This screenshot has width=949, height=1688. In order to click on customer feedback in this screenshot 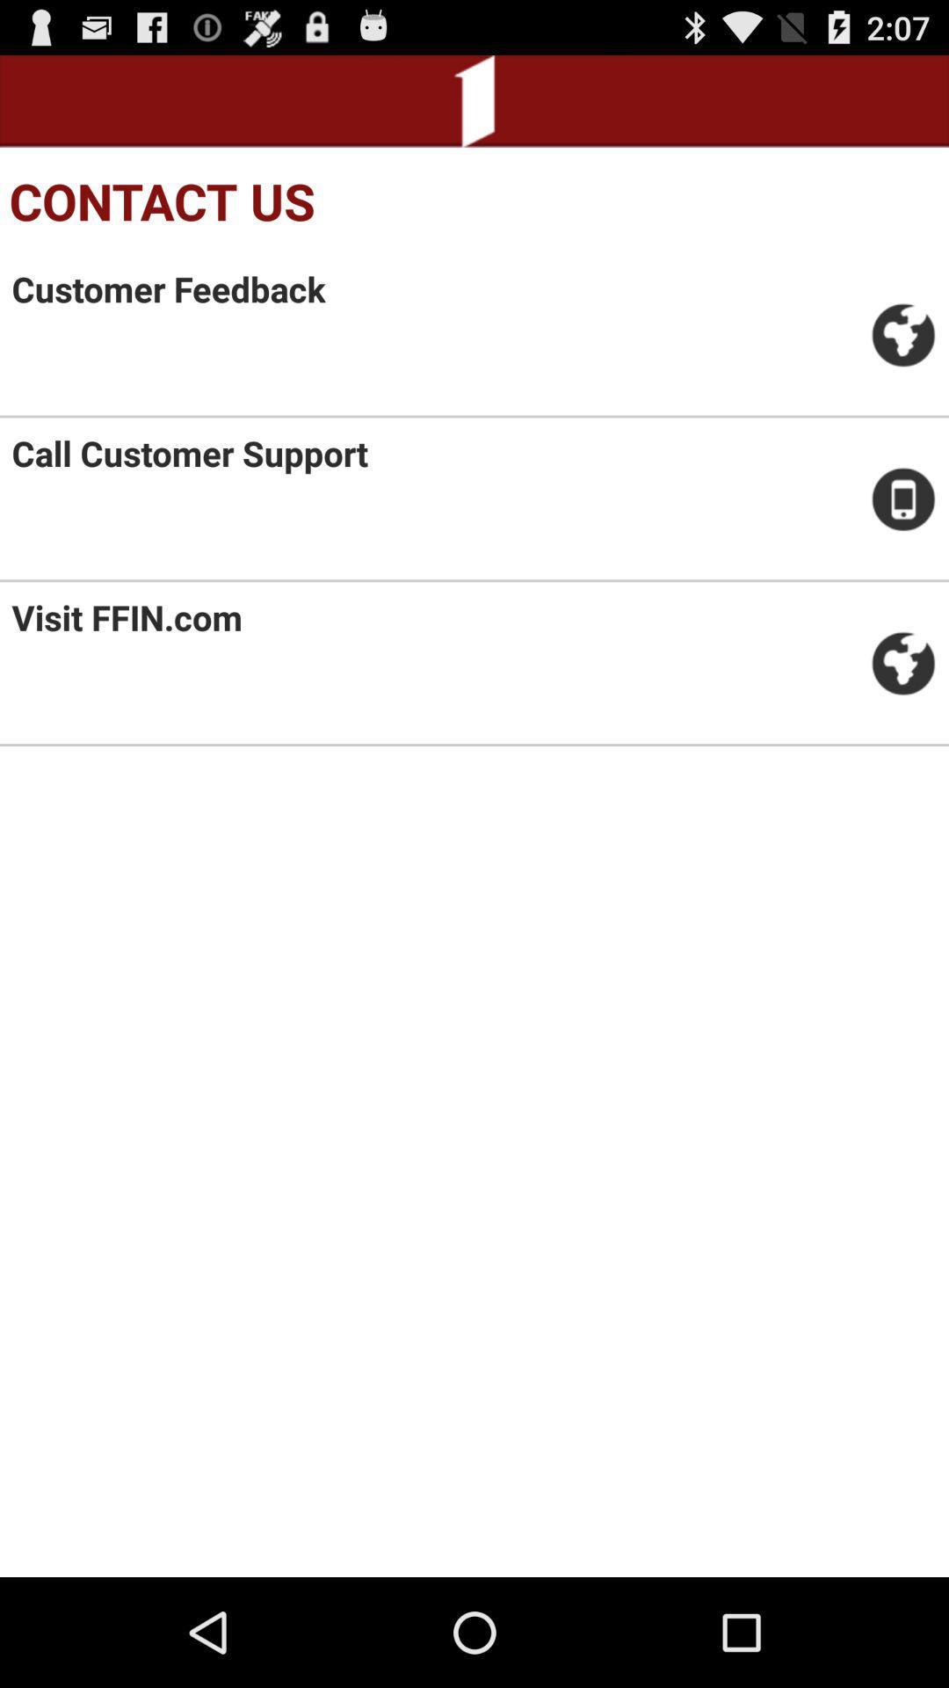, I will do `click(169, 288)`.